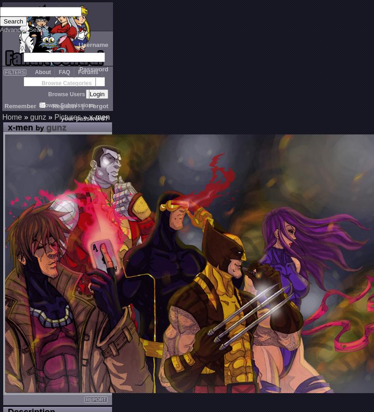 This screenshot has height=412, width=374. What do you see at coordinates (95, 399) in the screenshot?
I see `'REPORT'` at bounding box center [95, 399].